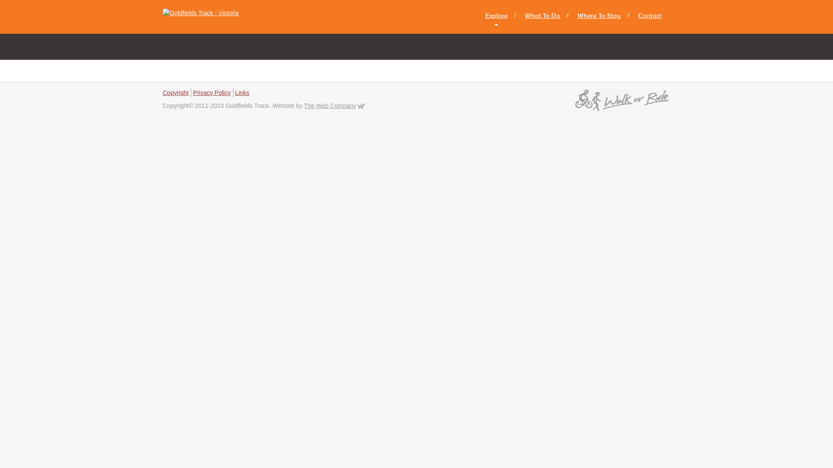 The width and height of the screenshot is (833, 468). I want to click on 'Explore', so click(496, 16).